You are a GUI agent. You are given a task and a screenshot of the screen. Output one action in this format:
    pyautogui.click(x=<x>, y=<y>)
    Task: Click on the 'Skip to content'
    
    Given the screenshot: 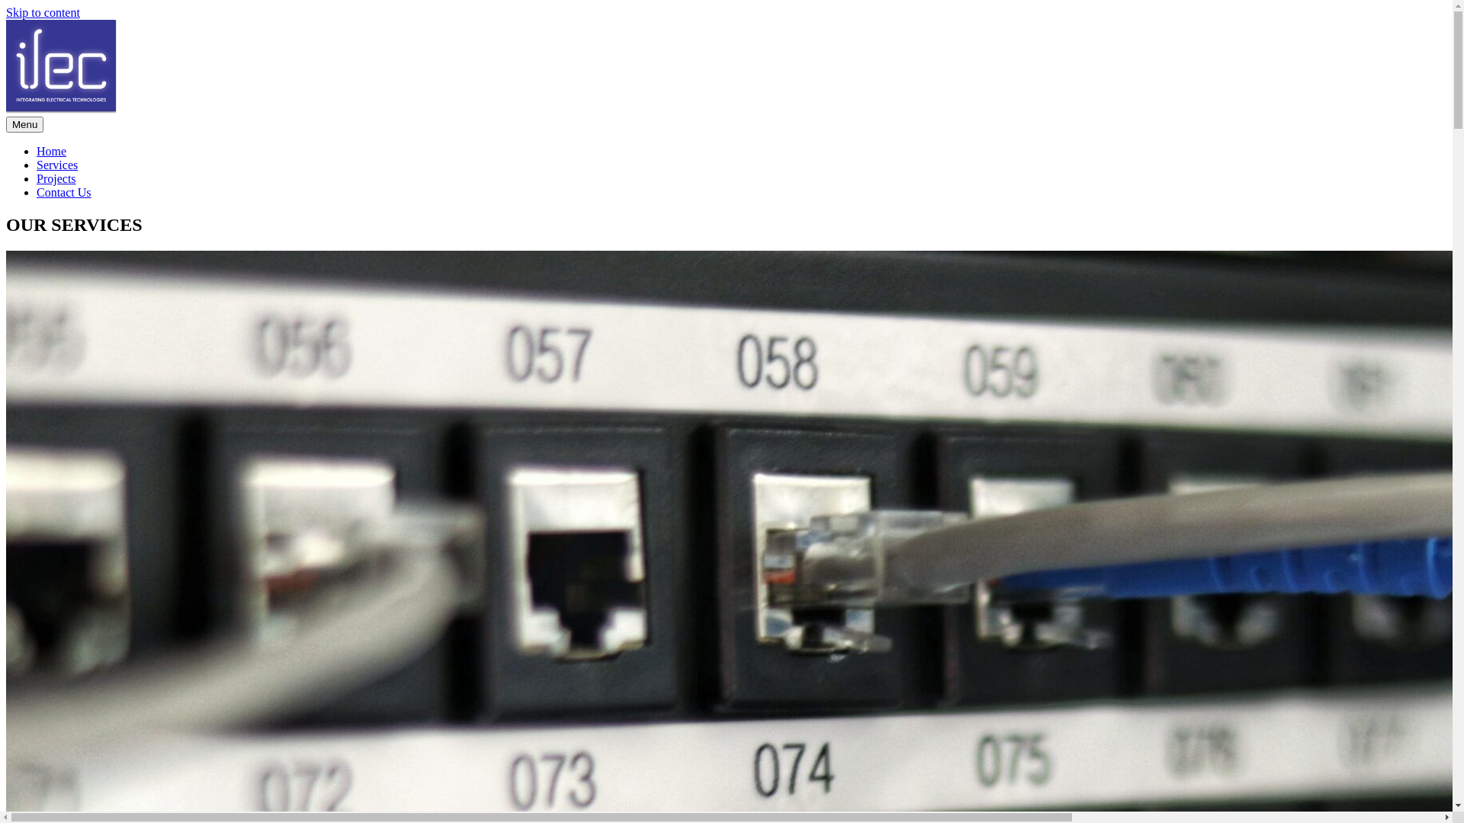 What is the action you would take?
    pyautogui.click(x=43, y=12)
    